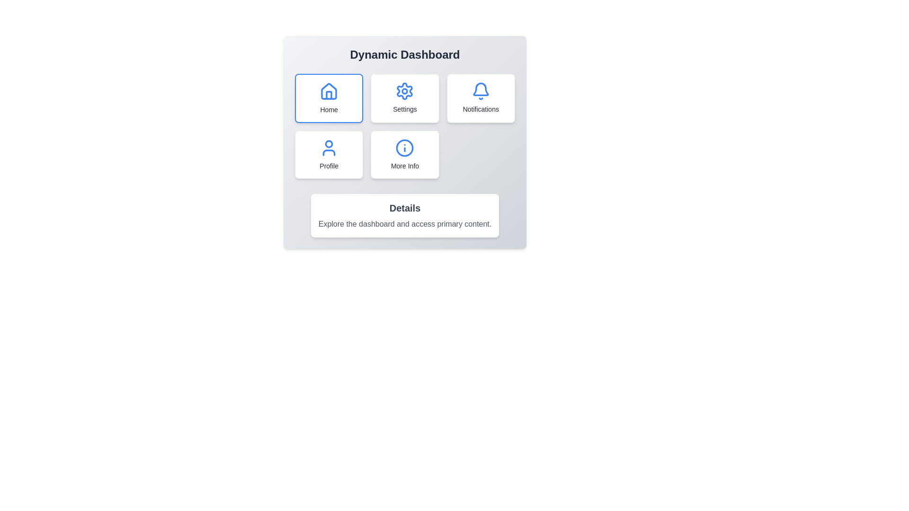 The image size is (909, 511). What do you see at coordinates (405, 148) in the screenshot?
I see `information icon, which is a blue circular icon with a distinct 'i' centered within, located in the 'More Info' section at the bottom of the main buttons` at bounding box center [405, 148].